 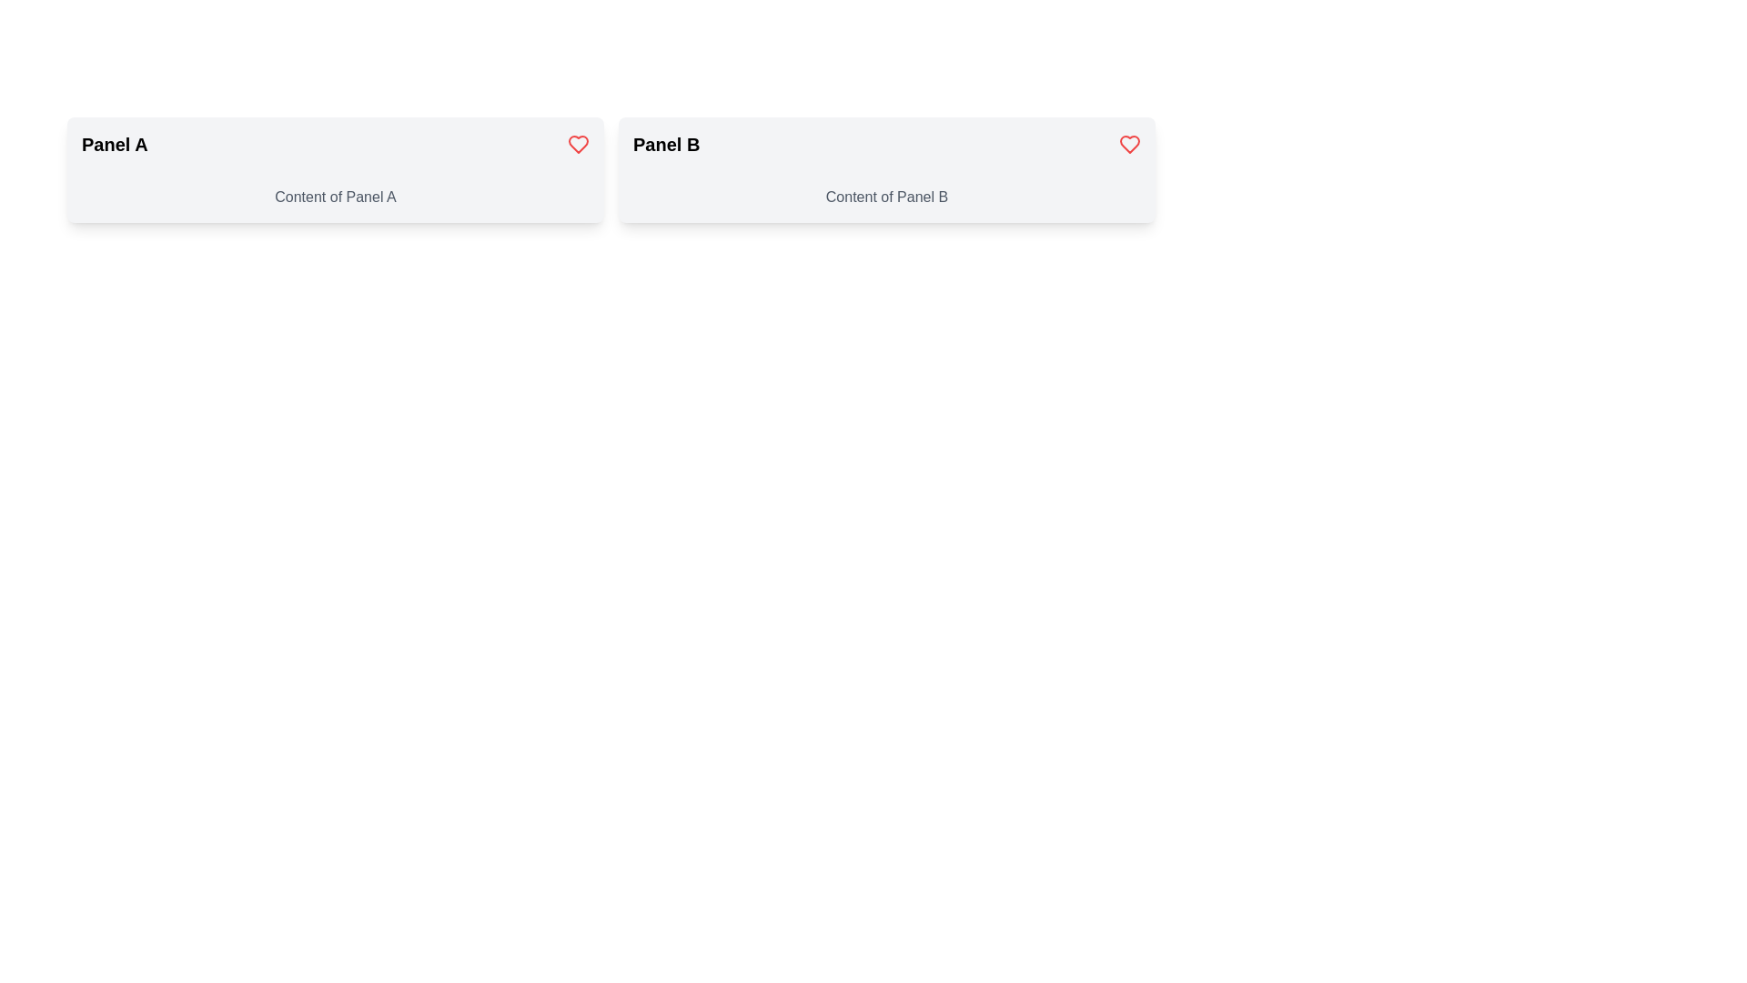 What do you see at coordinates (886, 197) in the screenshot?
I see `the text label located in the lower section of the 'Panel B' card, which provides contextual information related to the panel` at bounding box center [886, 197].